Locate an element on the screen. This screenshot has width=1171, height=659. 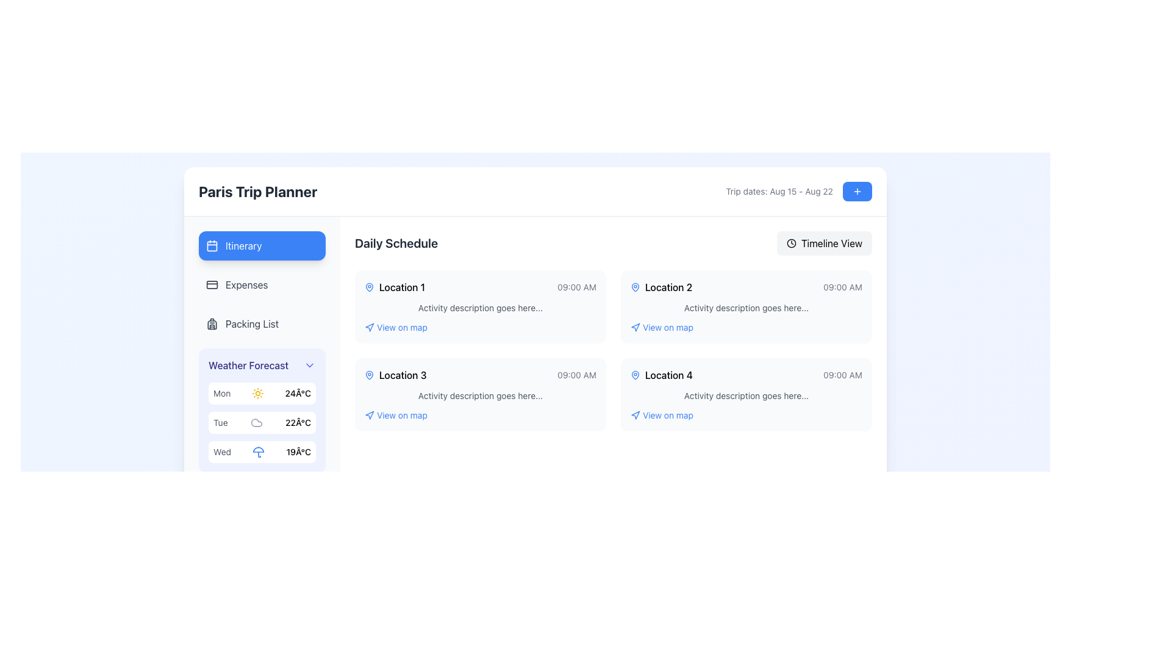
the hyperlink text that opens the map view for 'Location 4' in the 'Daily Schedule' section to trigger any hover effects is located at coordinates (667, 415).